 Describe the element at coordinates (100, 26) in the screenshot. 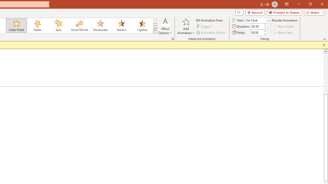

I see `'Desaturate'` at that location.